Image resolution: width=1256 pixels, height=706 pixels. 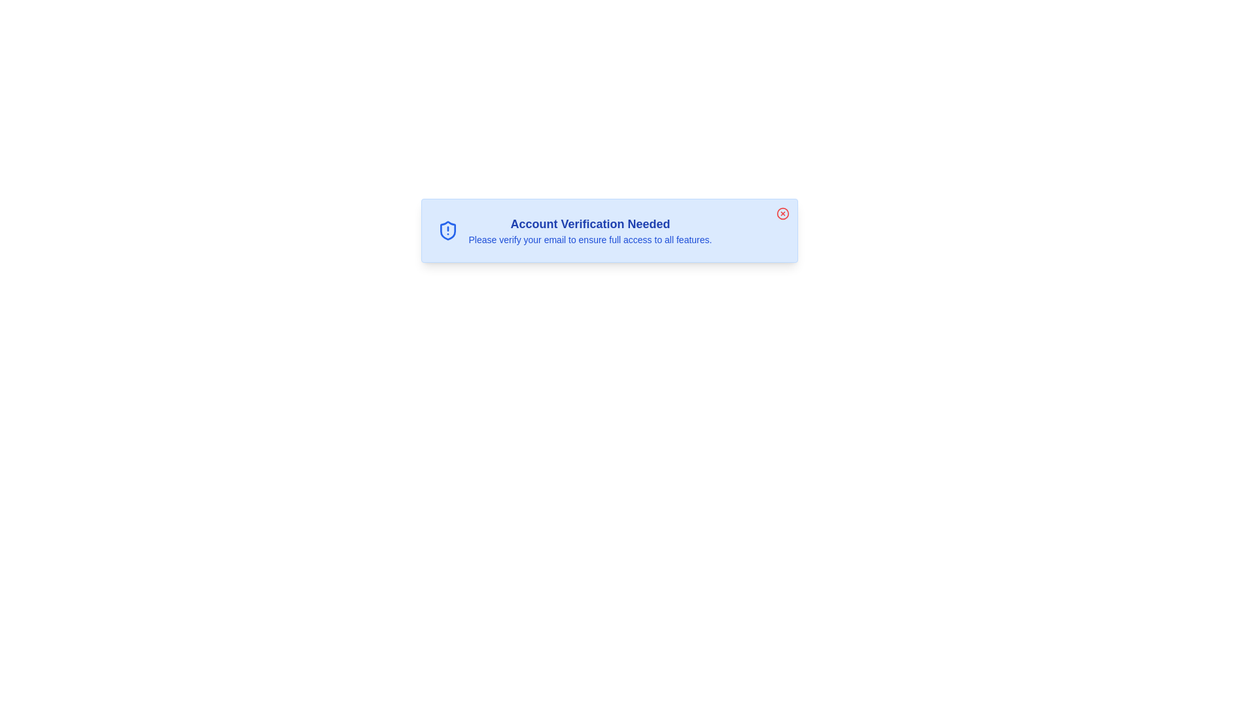 What do you see at coordinates (447, 230) in the screenshot?
I see `the blue shield icon with an exclamation mark that indicates 'Account Verification Needed' in the notification card` at bounding box center [447, 230].